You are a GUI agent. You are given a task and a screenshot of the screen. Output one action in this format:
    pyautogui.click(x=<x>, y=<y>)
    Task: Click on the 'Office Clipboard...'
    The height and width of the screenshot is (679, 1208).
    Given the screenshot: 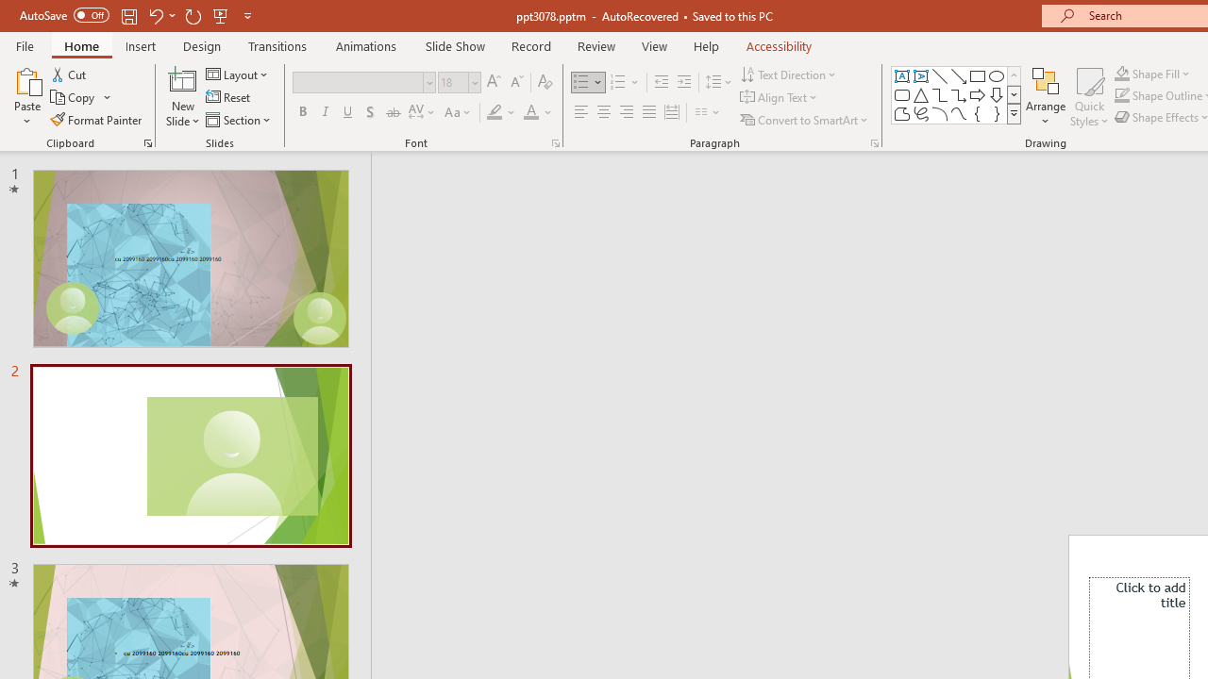 What is the action you would take?
    pyautogui.click(x=146, y=141)
    